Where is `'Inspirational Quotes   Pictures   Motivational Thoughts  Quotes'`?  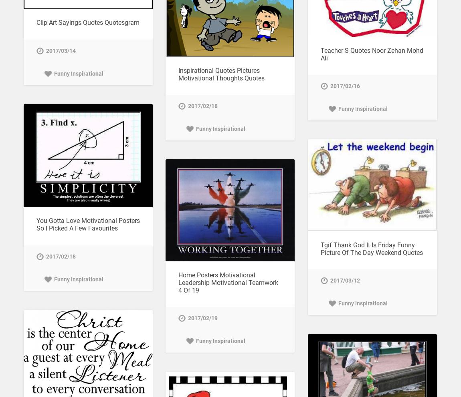 'Inspirational Quotes   Pictures   Motivational Thoughts  Quotes' is located at coordinates (178, 74).